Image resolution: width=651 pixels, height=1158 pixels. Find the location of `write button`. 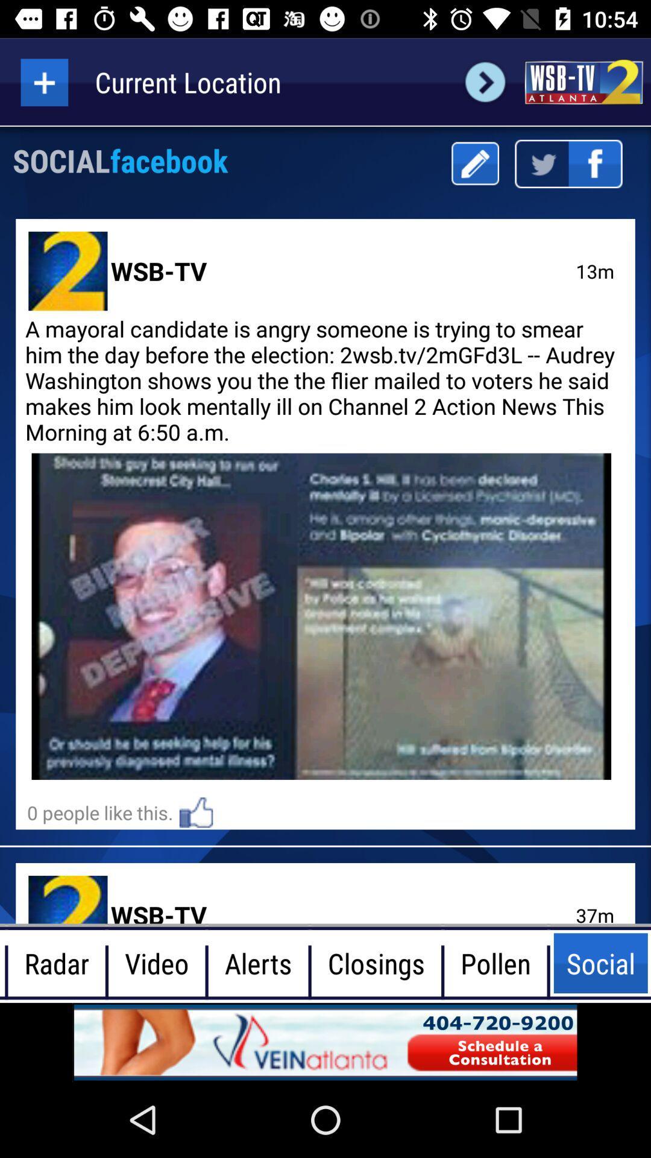

write button is located at coordinates (474, 163).